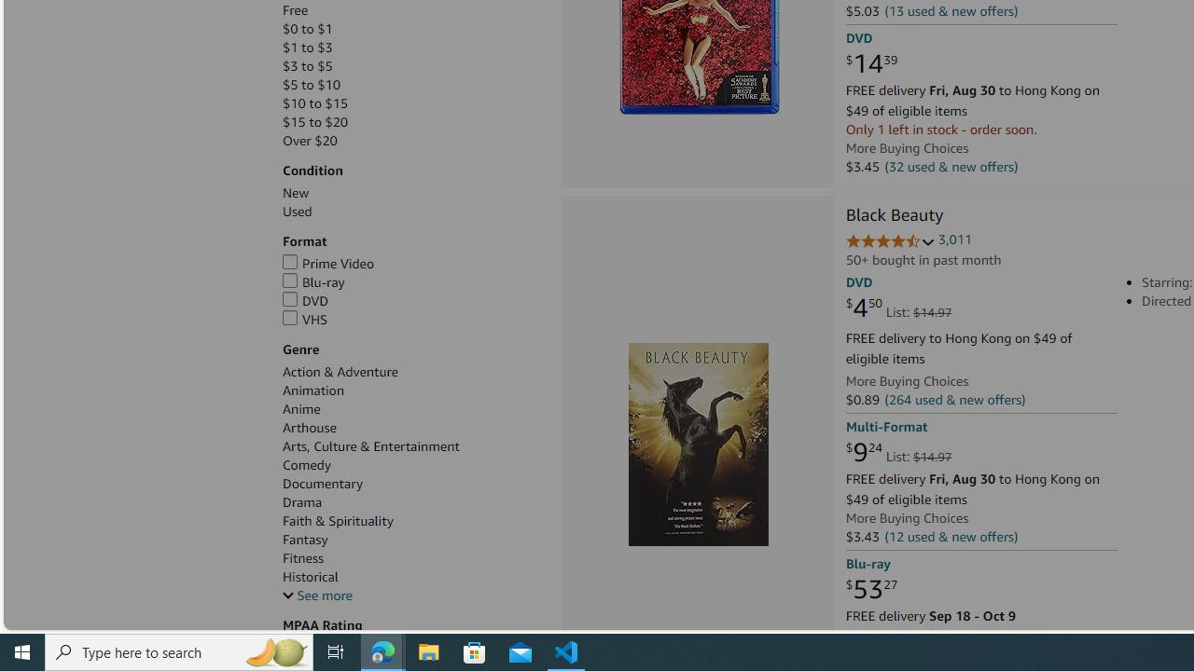 Image resolution: width=1194 pixels, height=671 pixels. What do you see at coordinates (305, 299) in the screenshot?
I see `'DVD'` at bounding box center [305, 299].